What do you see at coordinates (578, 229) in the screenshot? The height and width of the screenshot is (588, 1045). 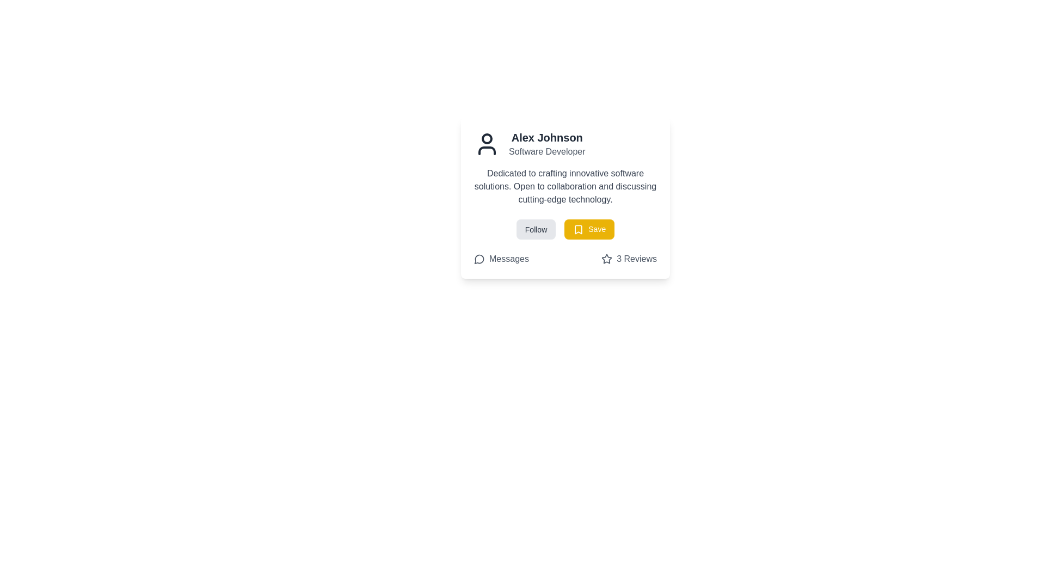 I see `the bookmark icon inside the 'Save' button, which represents the 'Save' action and is located to the left of the button's text label` at bounding box center [578, 229].